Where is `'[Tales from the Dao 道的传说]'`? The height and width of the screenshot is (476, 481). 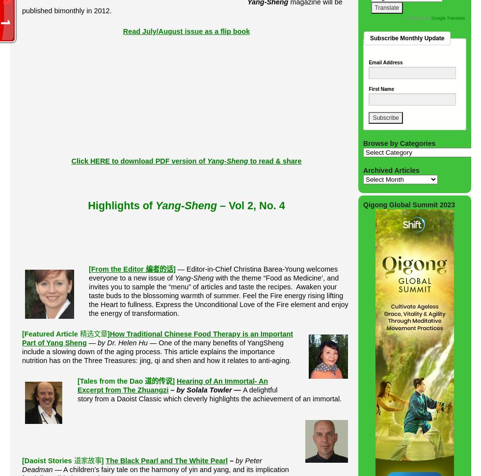 '[Tales from the Dao 道的传说]' is located at coordinates (126, 380).